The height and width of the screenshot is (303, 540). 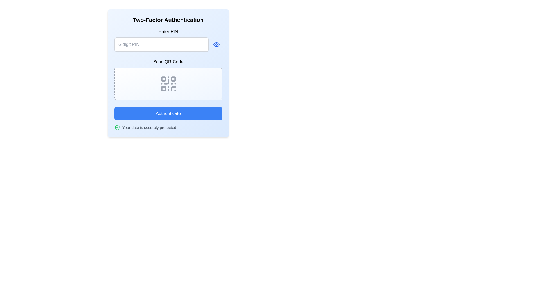 I want to click on the authentication button located at the bottom of the 'Two-Factor Authentication' form to enable keyboard interactions, so click(x=168, y=114).